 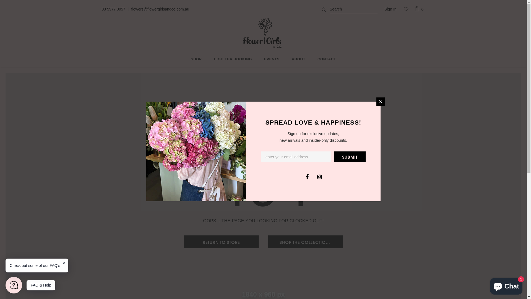 I want to click on 'RETURN TO STORE', so click(x=184, y=242).